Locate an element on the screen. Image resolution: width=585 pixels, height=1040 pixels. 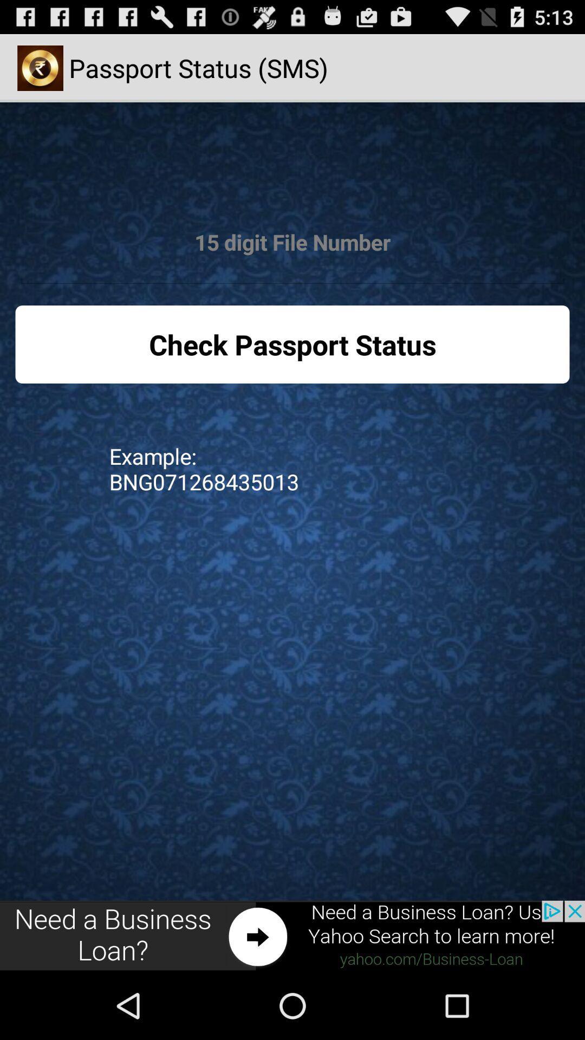
the advertisement 's website is located at coordinates (292, 935).